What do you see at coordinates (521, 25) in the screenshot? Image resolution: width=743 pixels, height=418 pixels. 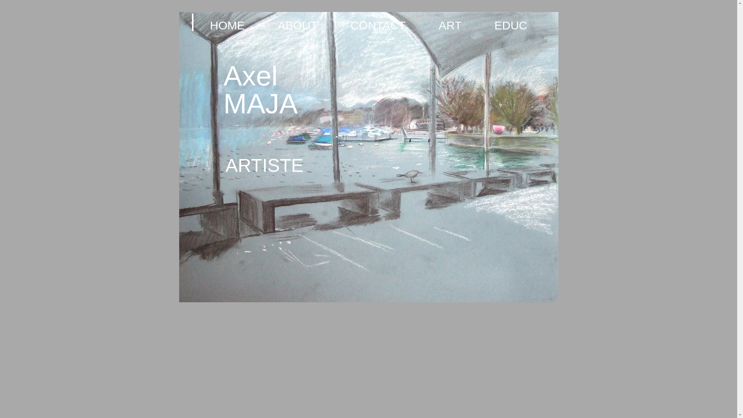 I see `'EDUC'` at bounding box center [521, 25].